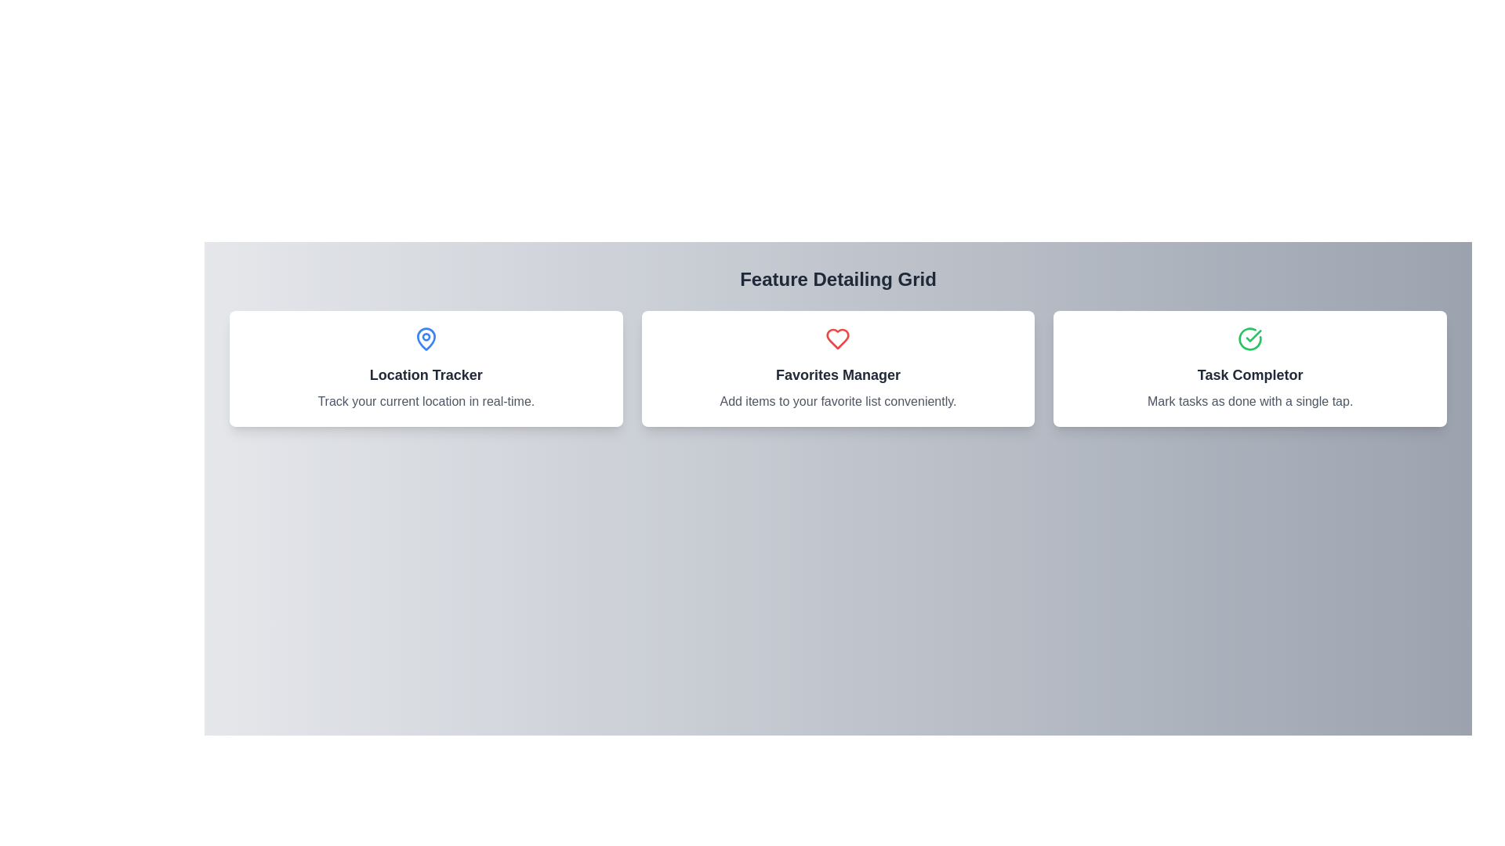 The width and height of the screenshot is (1505, 846). I want to click on the heart-shaped SVG icon located at the center-top of the second card in the 'Favorites Manager', which is part of the 'Feature Detailing Grid', so click(837, 338).